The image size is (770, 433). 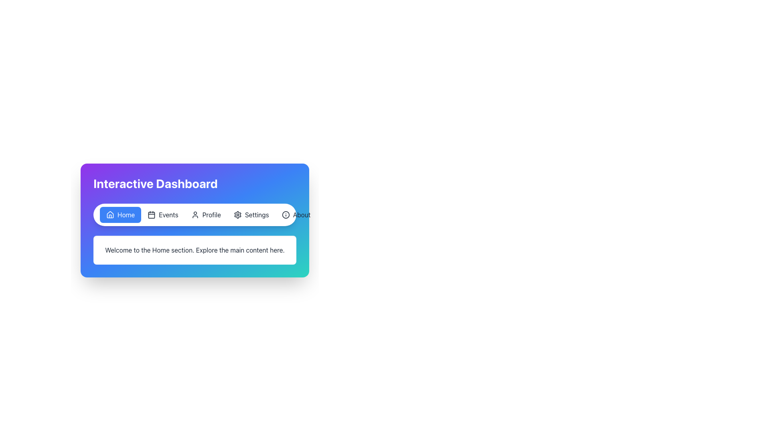 What do you see at coordinates (168, 214) in the screenshot?
I see `the 'Events' navigation label in the second position of the navigation menu` at bounding box center [168, 214].